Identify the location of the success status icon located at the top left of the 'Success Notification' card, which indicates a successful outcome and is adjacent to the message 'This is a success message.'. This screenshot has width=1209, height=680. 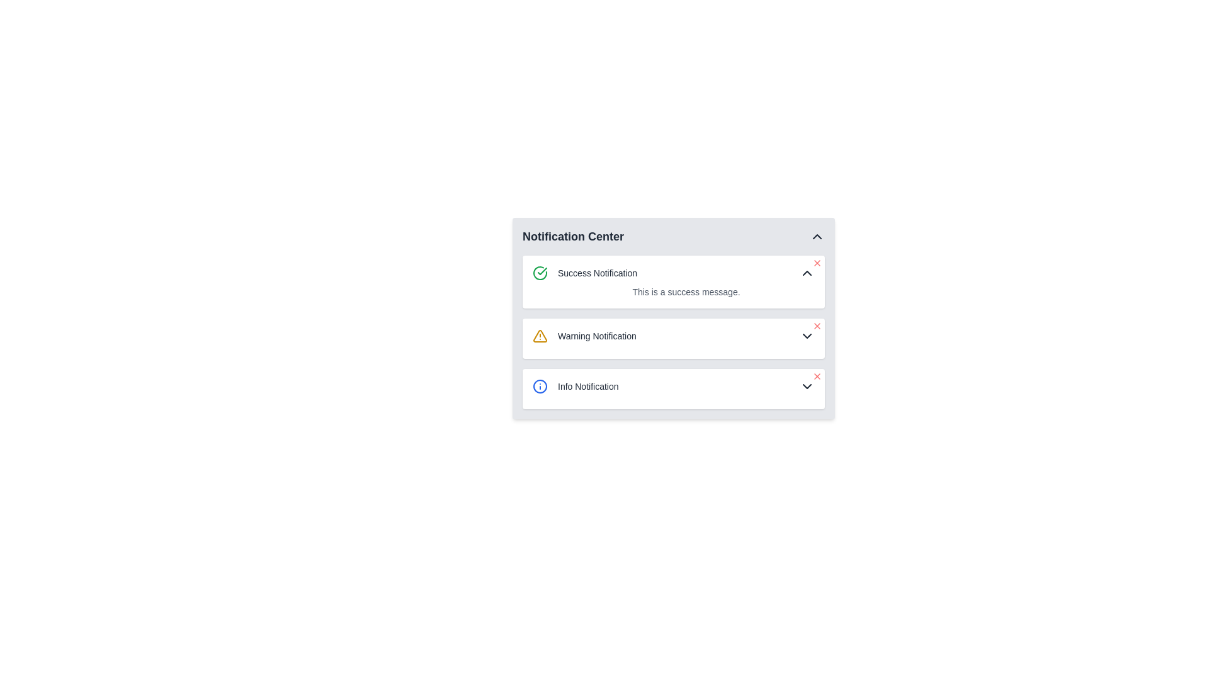
(540, 273).